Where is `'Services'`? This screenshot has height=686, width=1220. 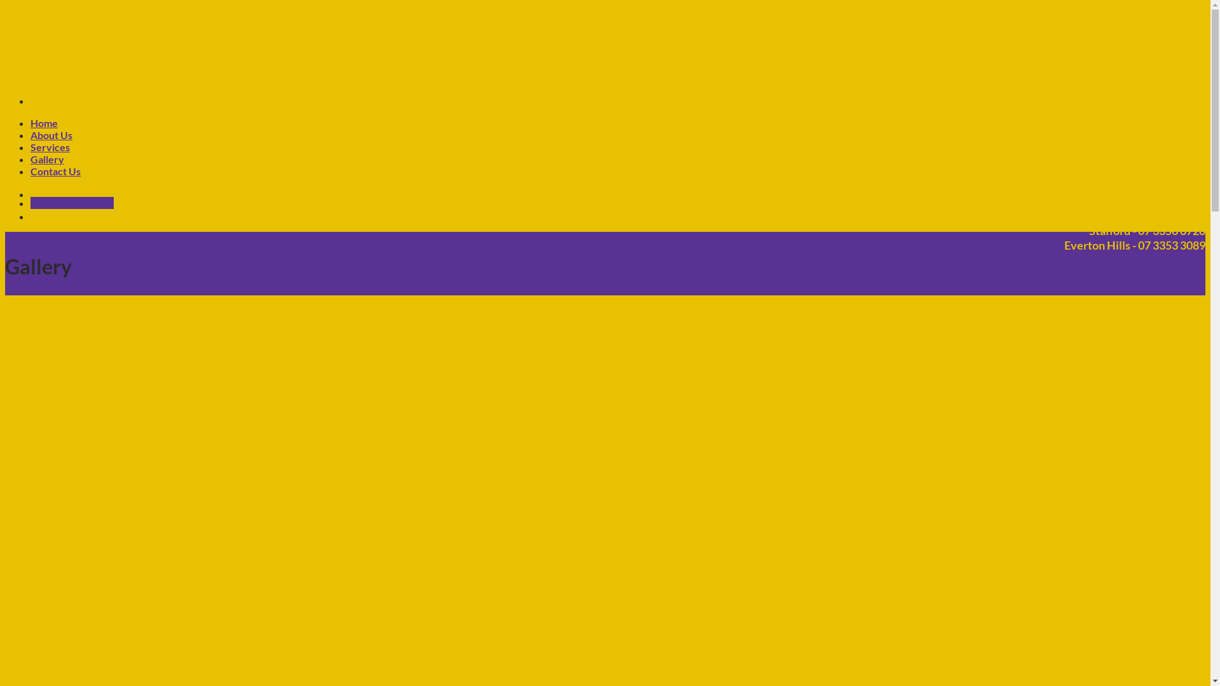
'Services' is located at coordinates (50, 146).